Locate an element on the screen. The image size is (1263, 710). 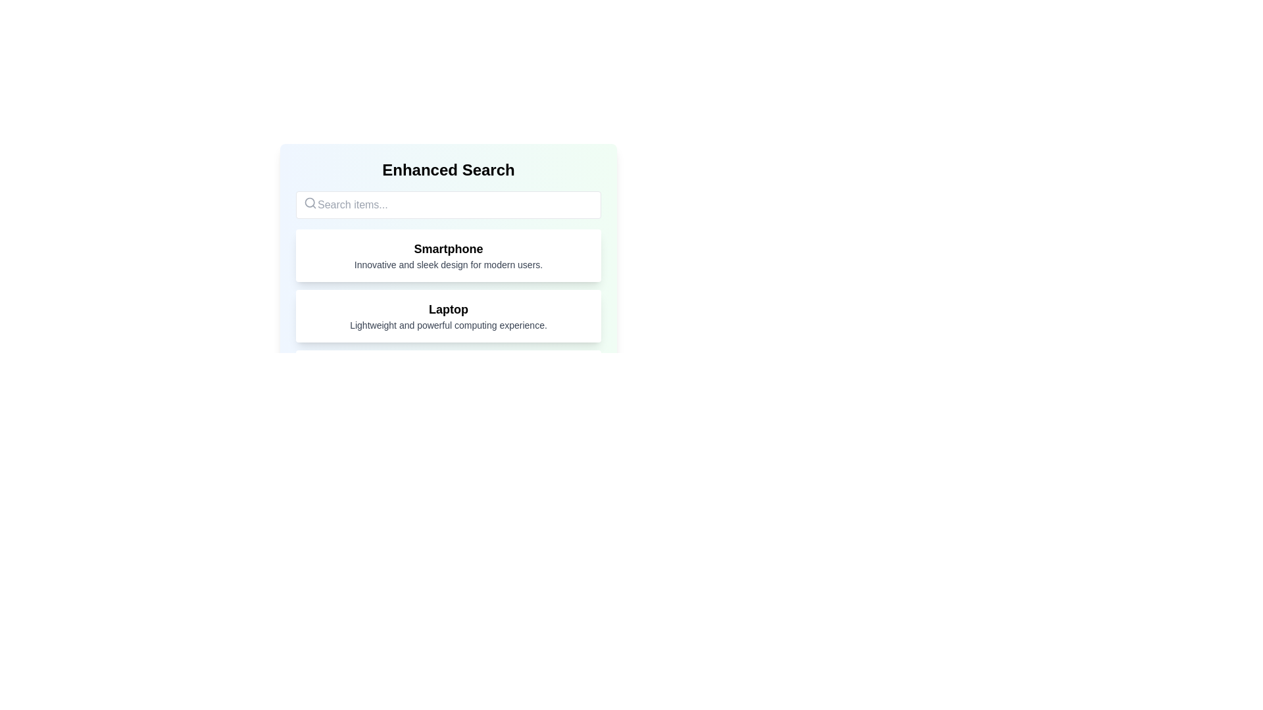
the title label located at the top text area, which identifies or labels the associated content is located at coordinates (448, 248).